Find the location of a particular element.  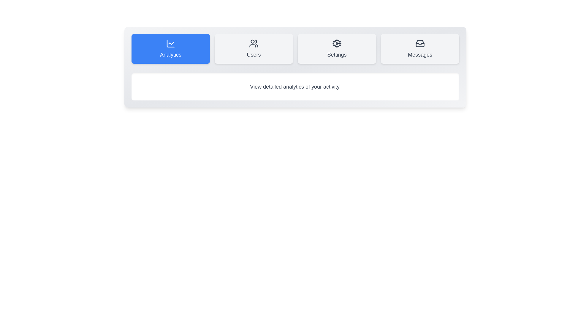

the Messages tab to switch the active section is located at coordinates (420, 49).